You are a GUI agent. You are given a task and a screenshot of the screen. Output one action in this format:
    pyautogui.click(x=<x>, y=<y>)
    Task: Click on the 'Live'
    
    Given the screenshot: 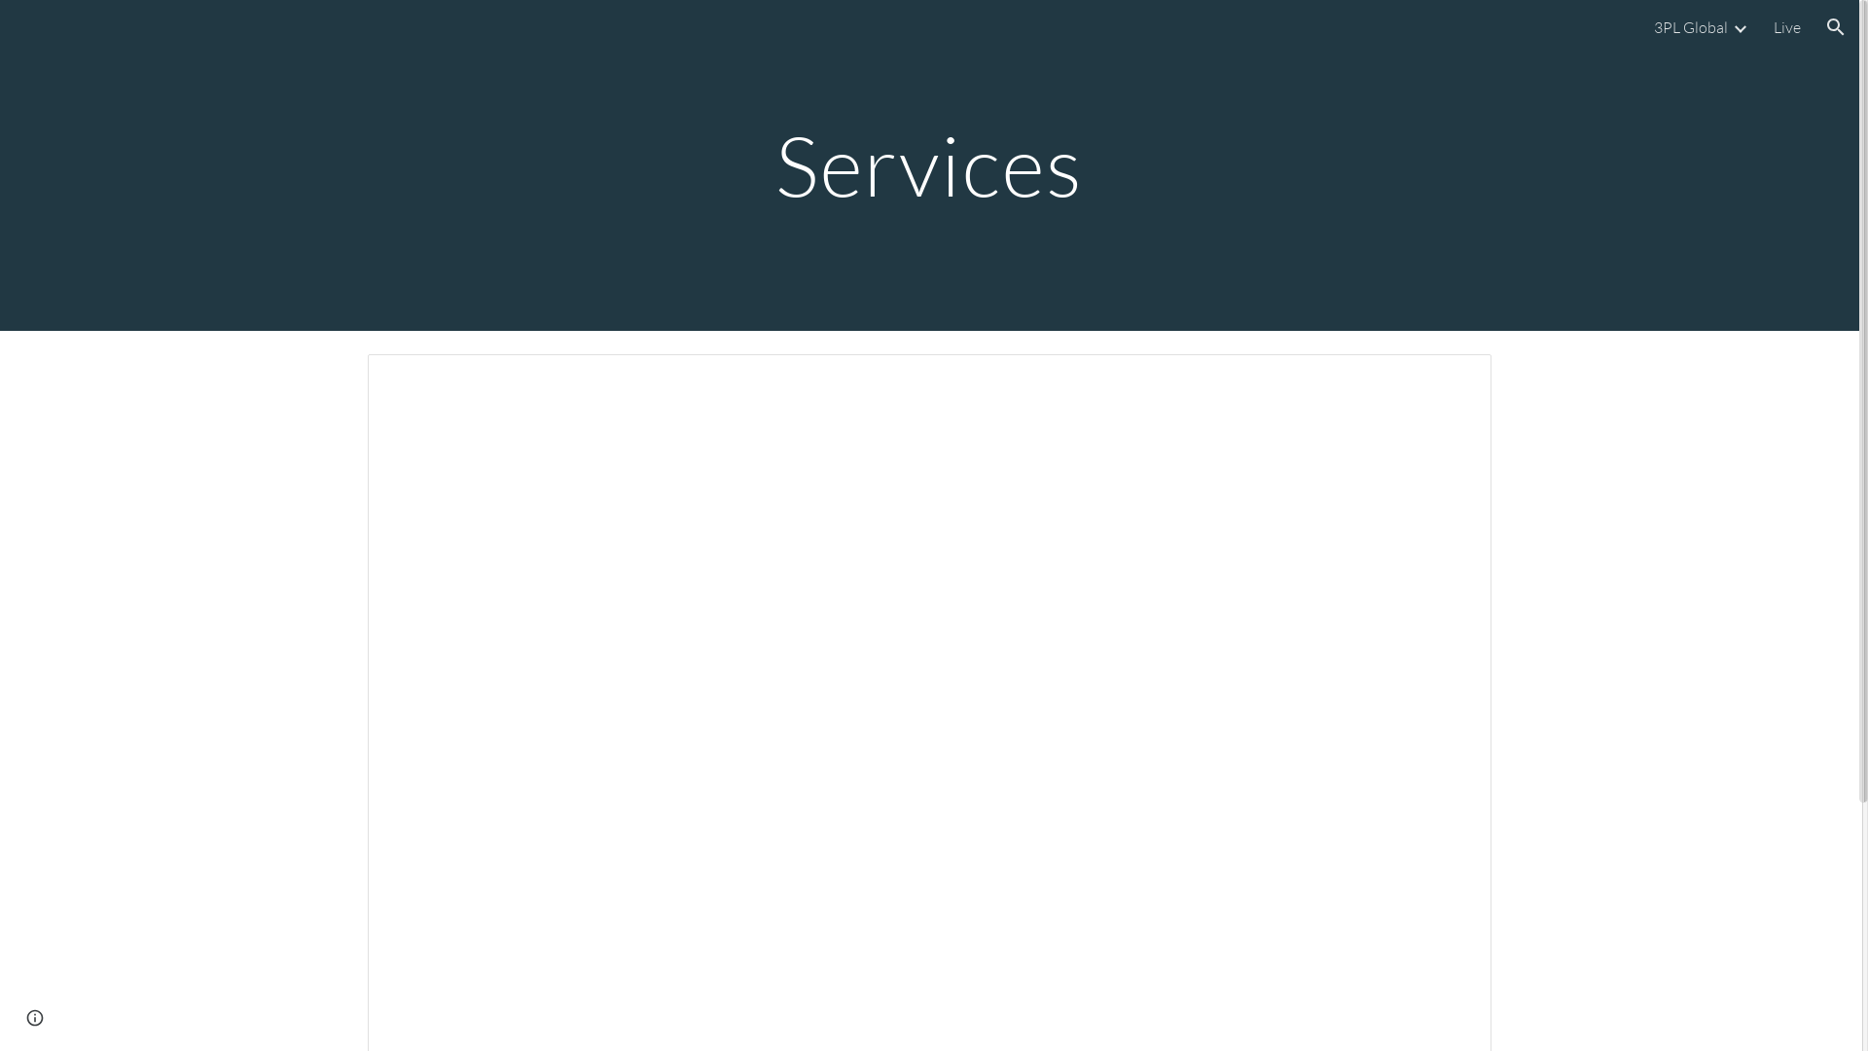 What is the action you would take?
    pyautogui.click(x=1787, y=26)
    